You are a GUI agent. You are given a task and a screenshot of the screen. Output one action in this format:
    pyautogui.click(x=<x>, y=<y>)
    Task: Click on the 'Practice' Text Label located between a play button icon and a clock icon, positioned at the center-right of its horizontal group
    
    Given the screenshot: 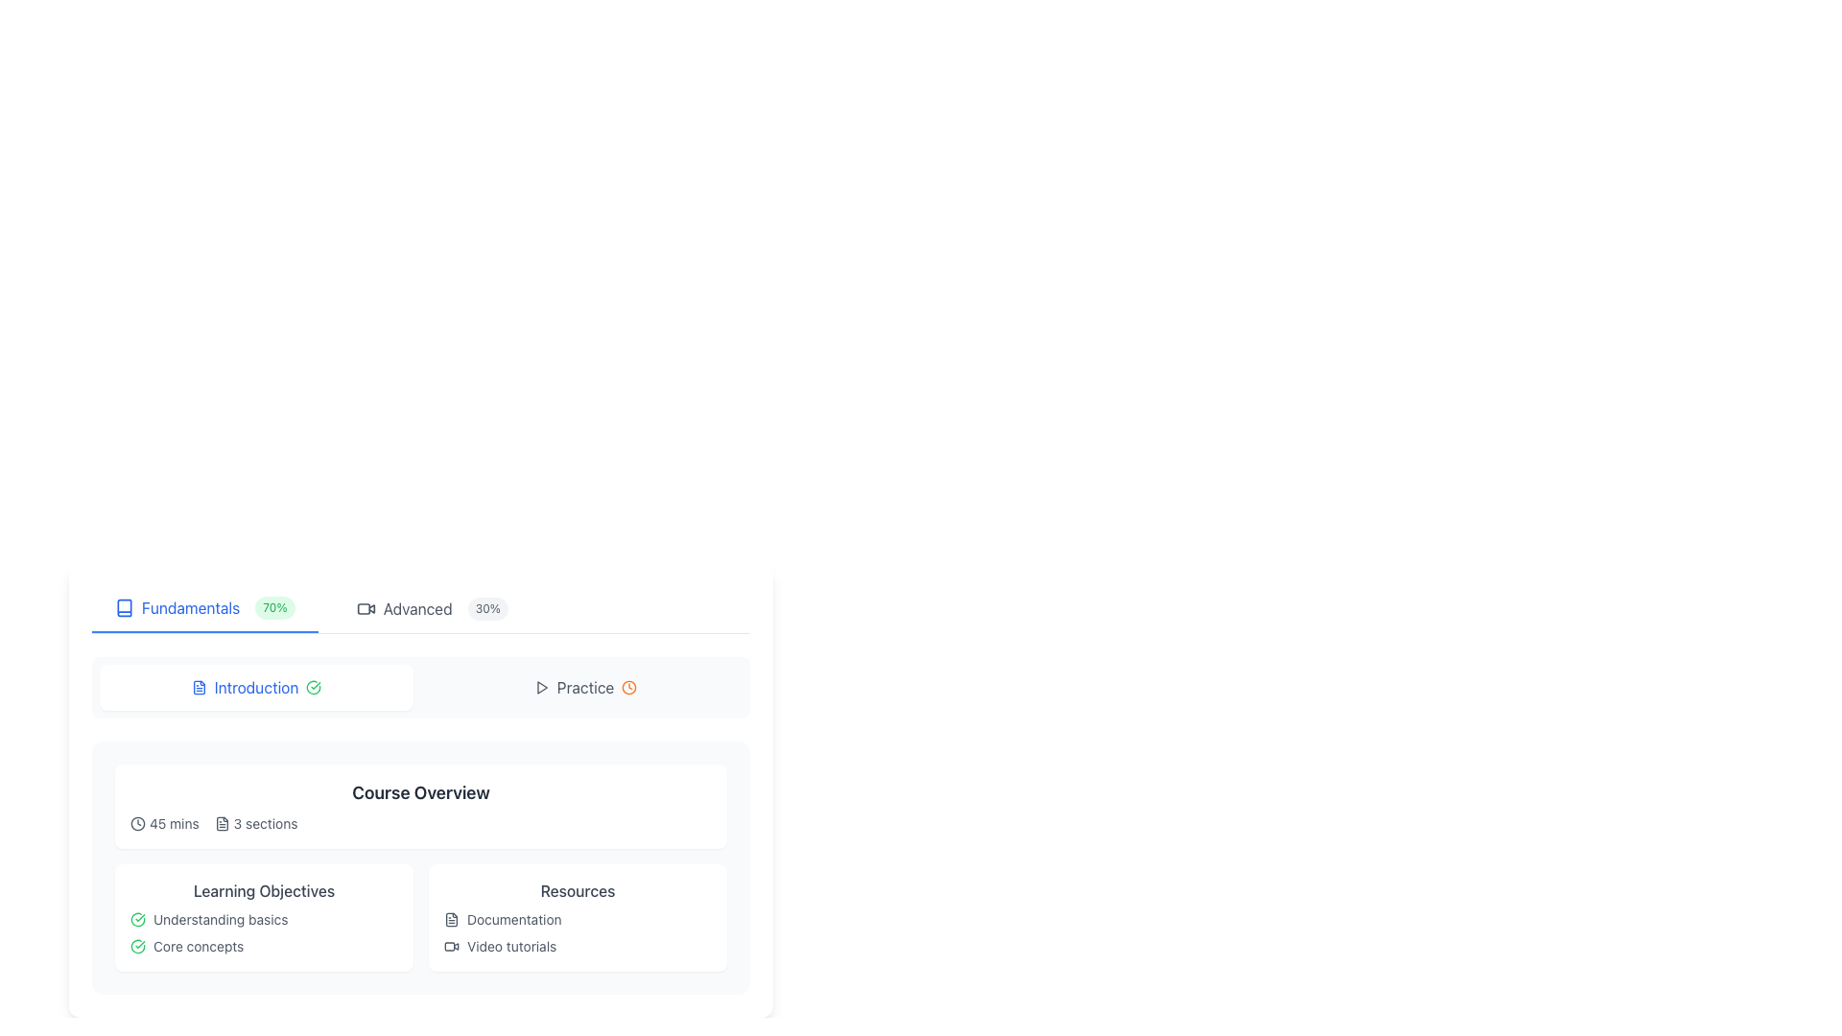 What is the action you would take?
    pyautogui.click(x=584, y=687)
    